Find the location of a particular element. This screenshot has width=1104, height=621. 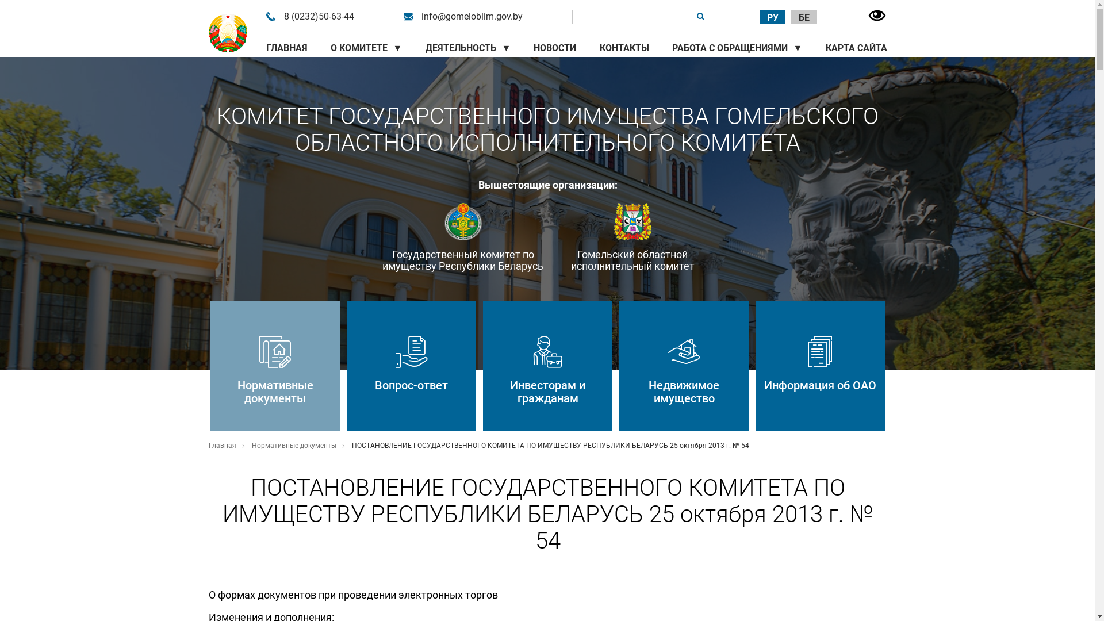

'8 (0232)50-63-44' is located at coordinates (319, 17).